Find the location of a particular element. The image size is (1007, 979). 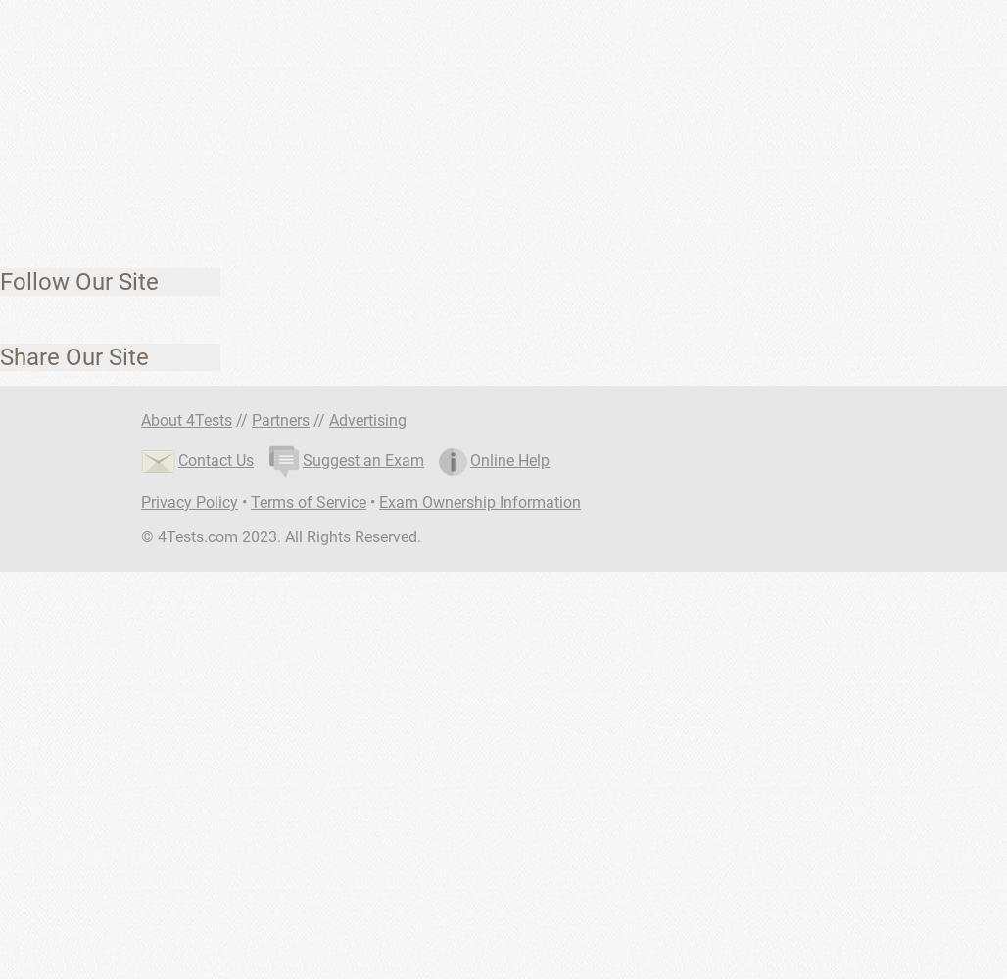

'Suggest an Exam' is located at coordinates (362, 458).